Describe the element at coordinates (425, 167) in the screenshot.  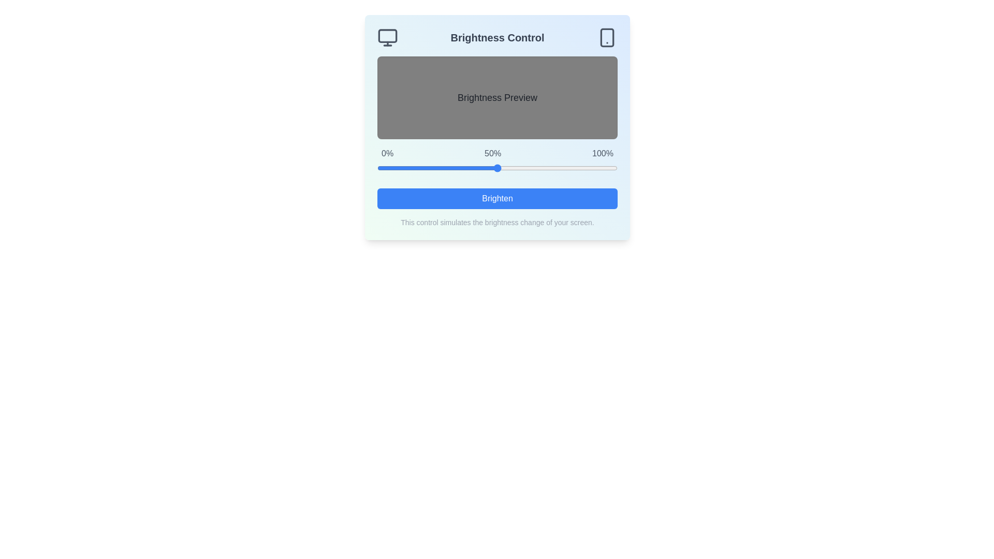
I see `the brightness slider to set the brightness level to 20%` at that location.